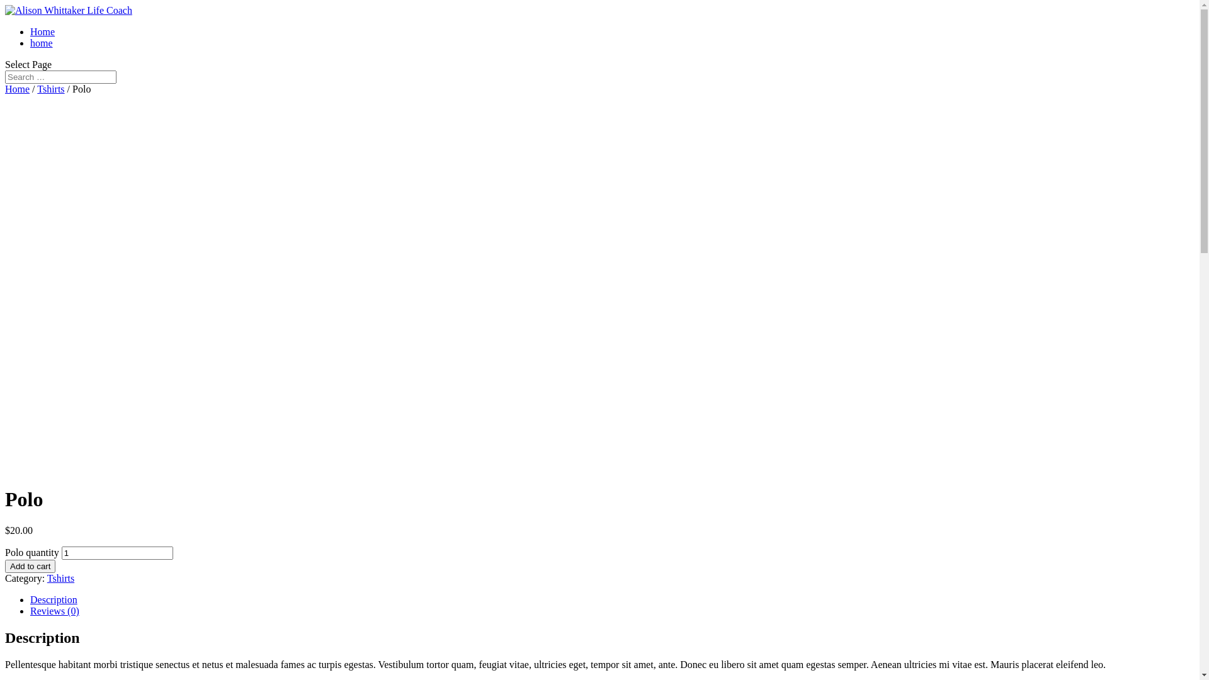  I want to click on 'Search for:', so click(60, 77).